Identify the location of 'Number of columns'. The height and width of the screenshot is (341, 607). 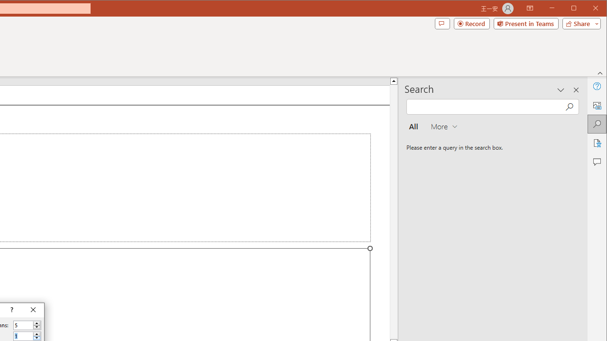
(23, 325).